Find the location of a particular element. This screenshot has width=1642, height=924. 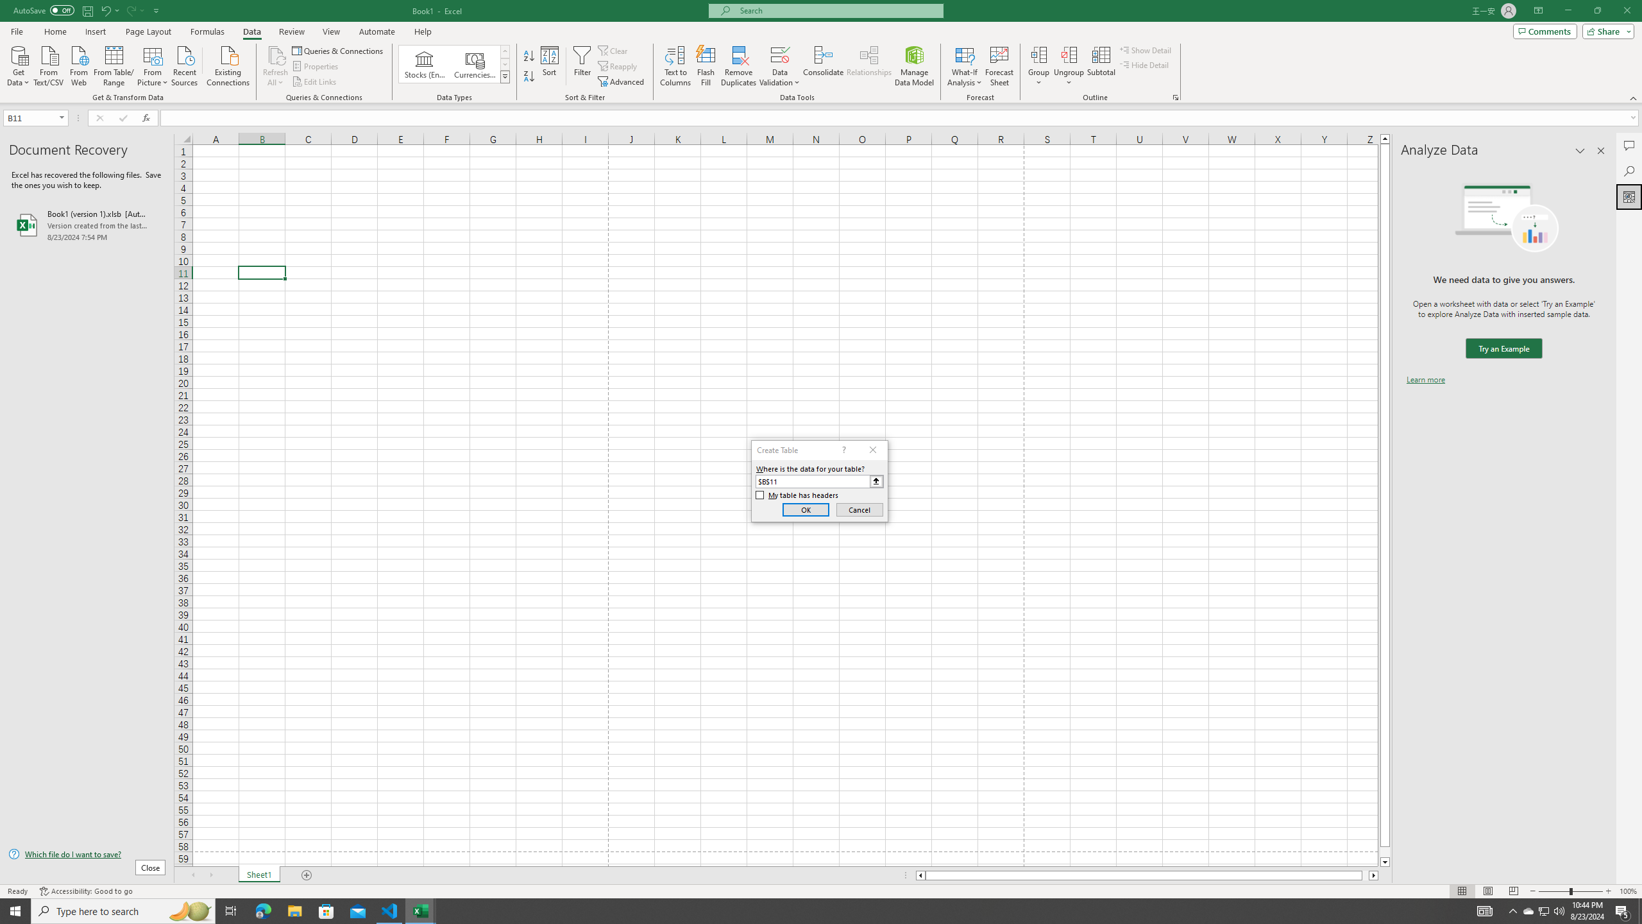

'Group and Outline Settings' is located at coordinates (1174, 96).